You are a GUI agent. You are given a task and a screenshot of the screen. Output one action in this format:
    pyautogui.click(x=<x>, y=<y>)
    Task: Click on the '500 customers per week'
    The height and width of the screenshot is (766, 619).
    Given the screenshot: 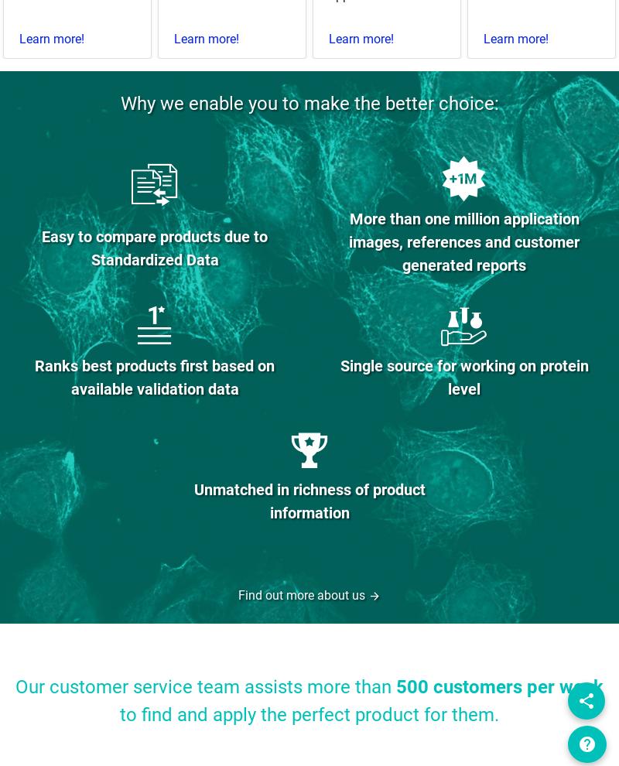 What is the action you would take?
    pyautogui.click(x=499, y=687)
    